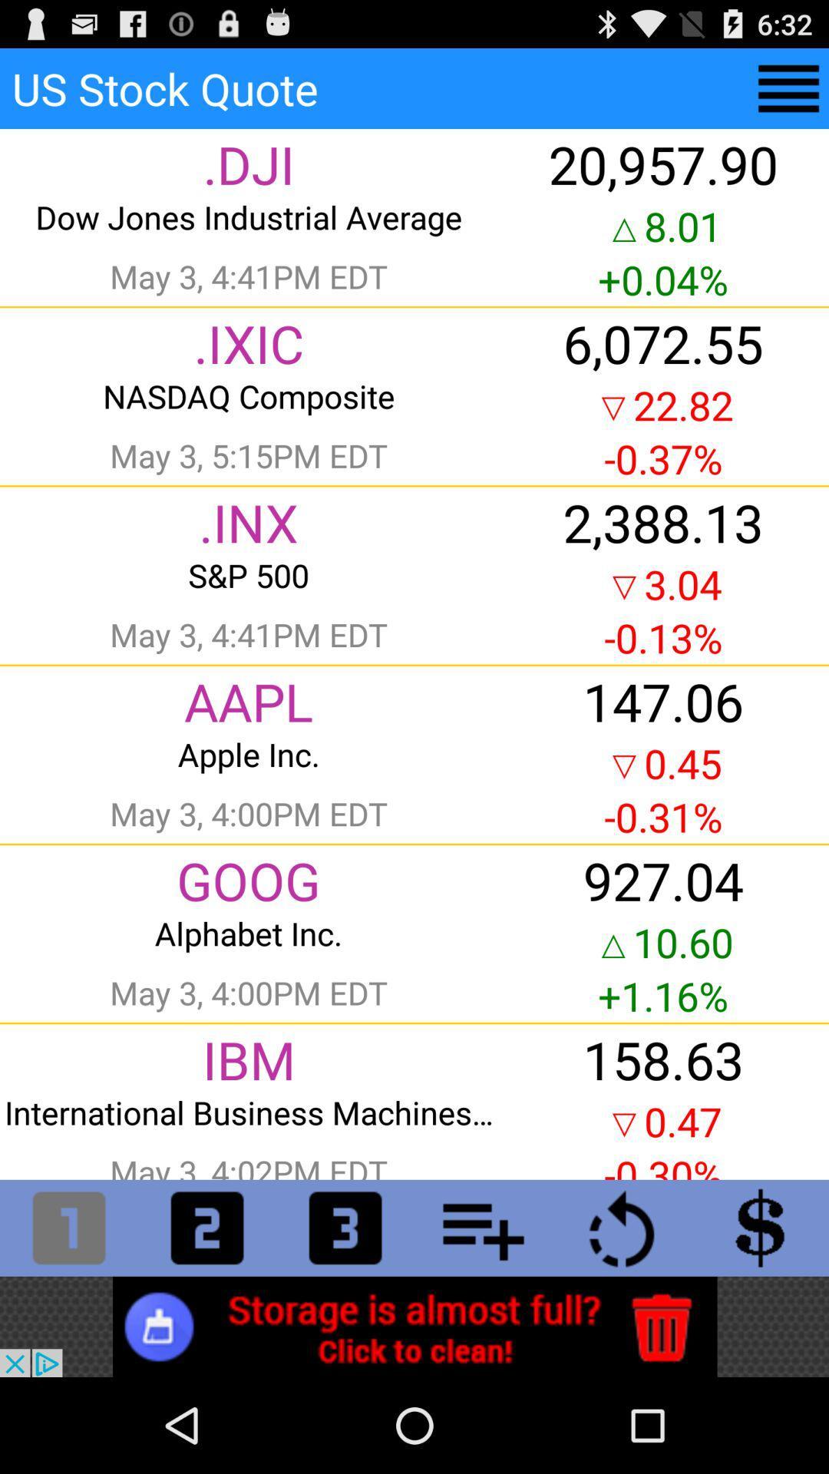 The height and width of the screenshot is (1474, 829). Describe the element at coordinates (482, 1227) in the screenshot. I see `open more options` at that location.